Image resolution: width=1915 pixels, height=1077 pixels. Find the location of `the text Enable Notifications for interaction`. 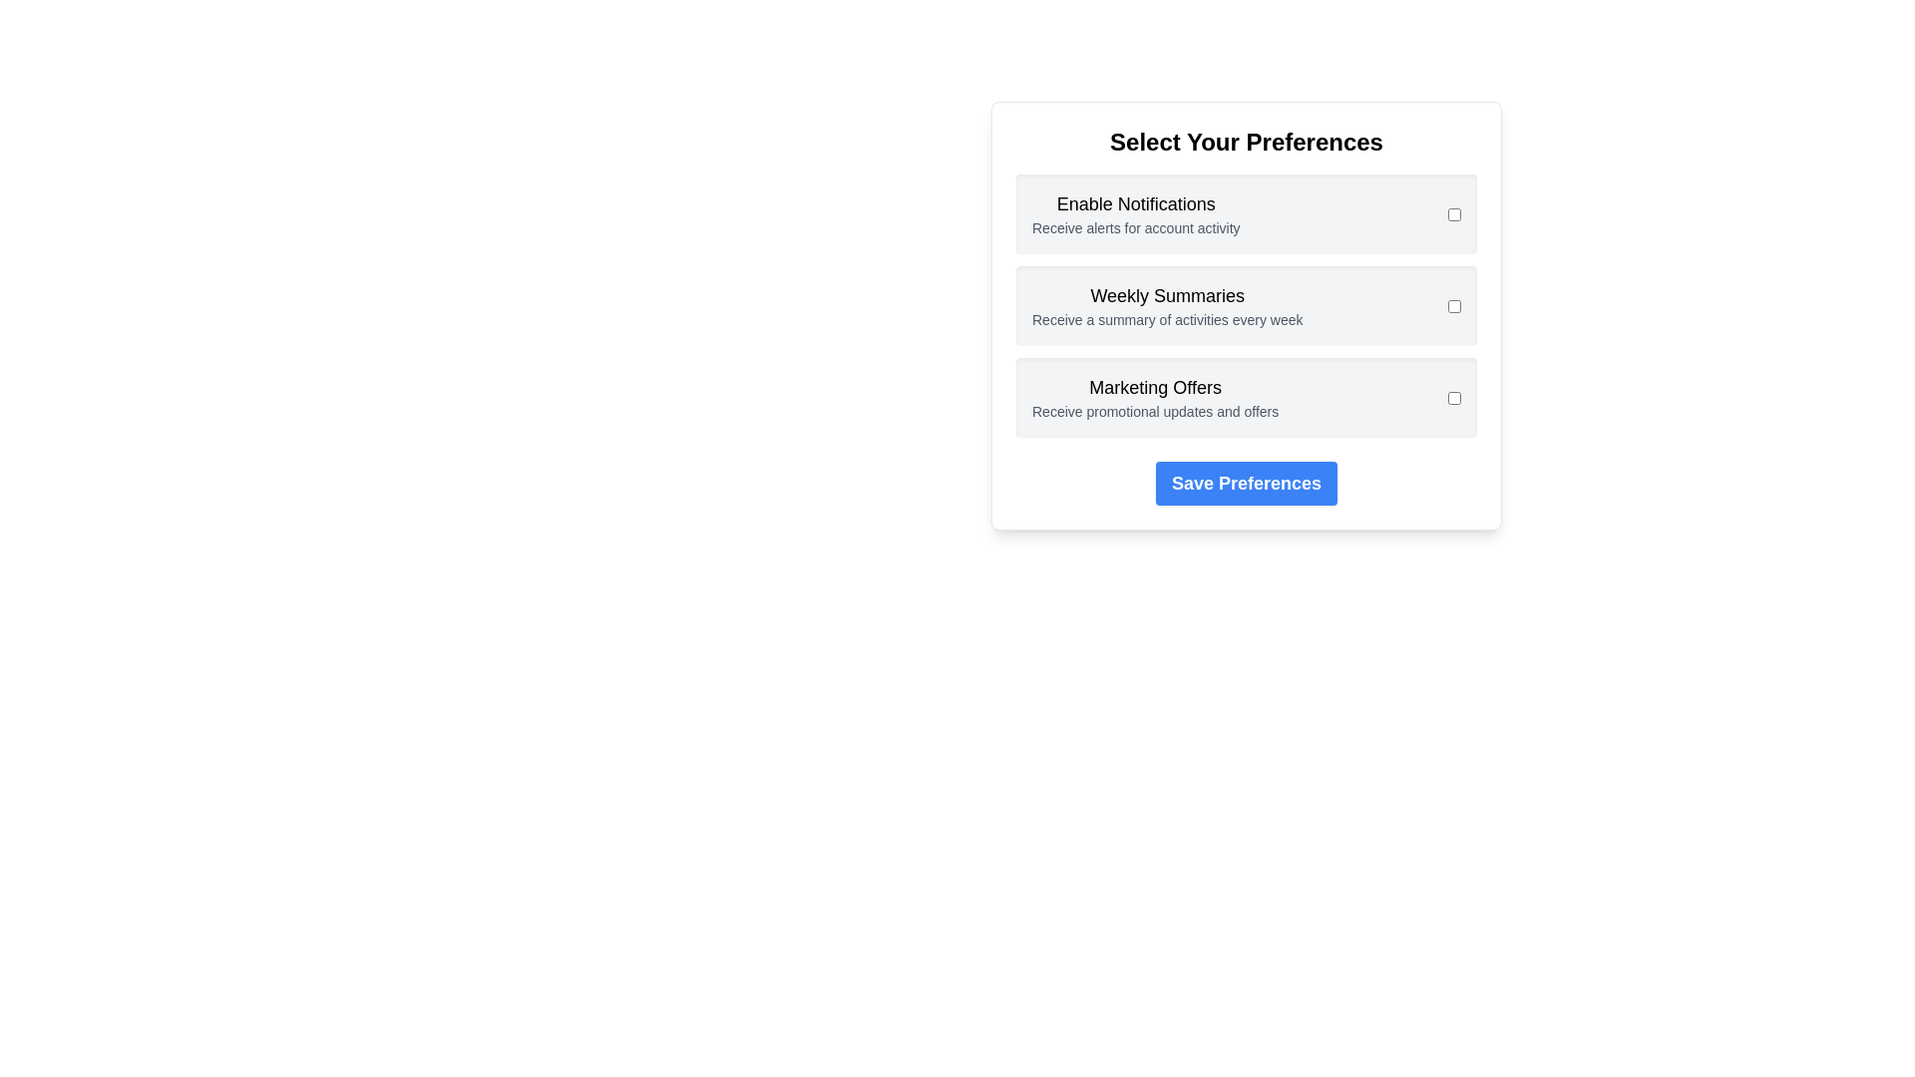

the text Enable Notifications for interaction is located at coordinates (1135, 203).